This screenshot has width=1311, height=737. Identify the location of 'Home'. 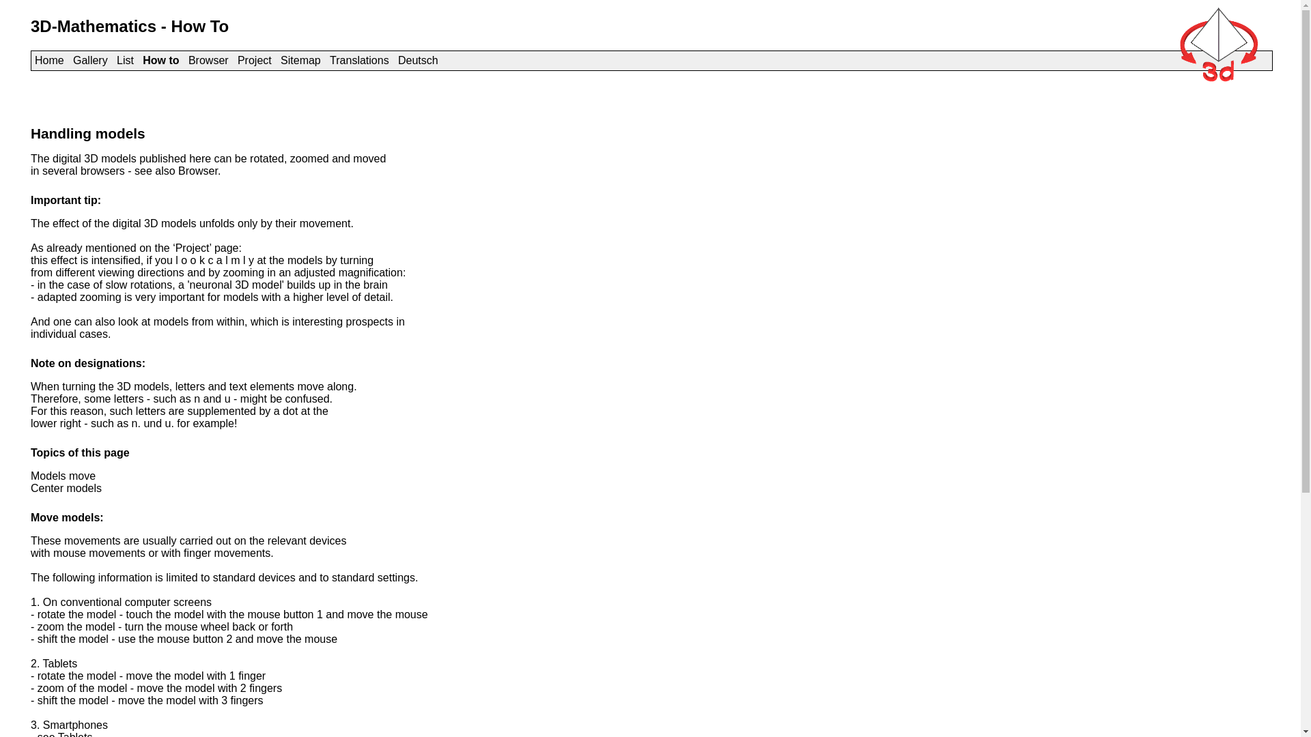
(49, 59).